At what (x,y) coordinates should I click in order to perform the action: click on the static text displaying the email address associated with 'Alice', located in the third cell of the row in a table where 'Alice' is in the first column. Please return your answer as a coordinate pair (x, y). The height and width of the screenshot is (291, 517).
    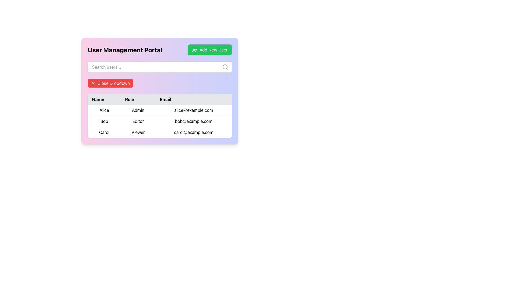
    Looking at the image, I should click on (194, 110).